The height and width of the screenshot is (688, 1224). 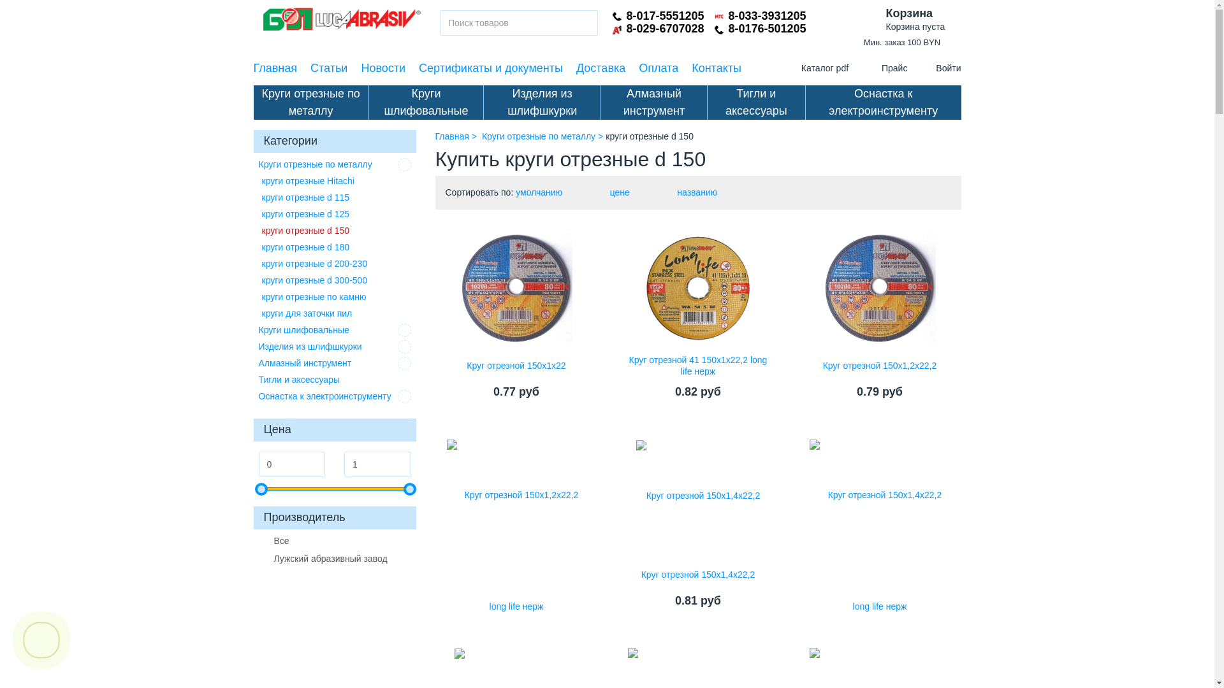 I want to click on '8-033-3931205', so click(x=765, y=15).